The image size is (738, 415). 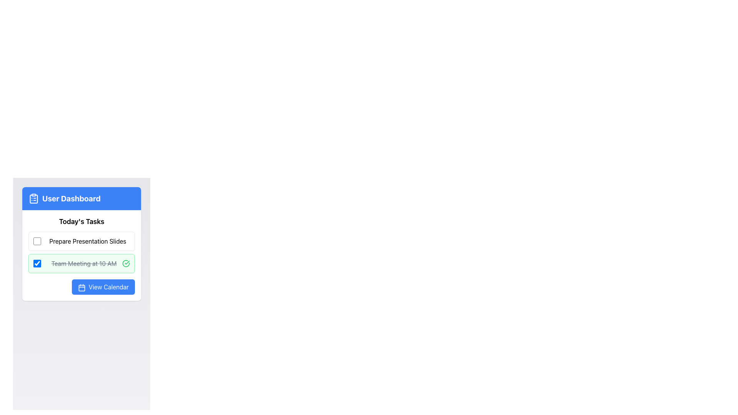 I want to click on the checkbox of the completed task item with a strikethrough text that is located in the 'Today's Tasks' section, specifically the second task beneath 'Prepare Presentation Slides', so click(x=81, y=252).